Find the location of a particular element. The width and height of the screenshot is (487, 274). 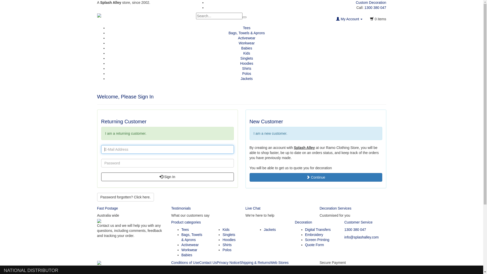

'Conditions of Use' is located at coordinates (185, 262).